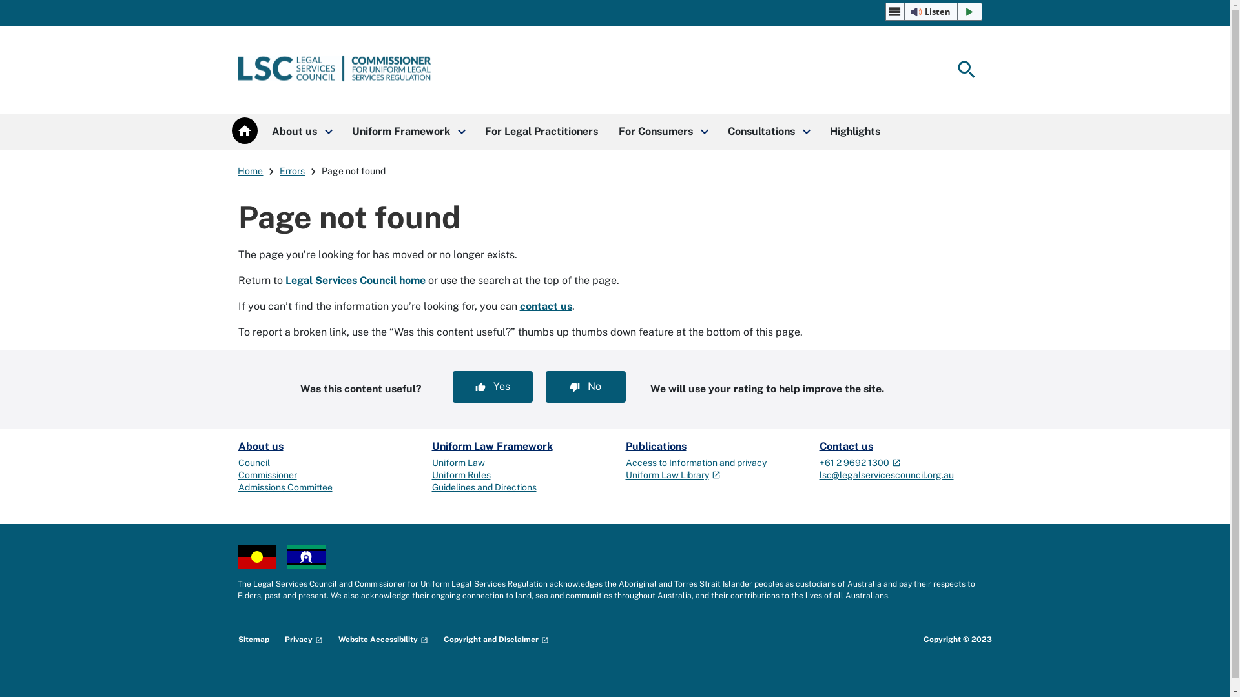 This screenshot has height=697, width=1240. I want to click on 'Legal Services Council home', so click(355, 279).